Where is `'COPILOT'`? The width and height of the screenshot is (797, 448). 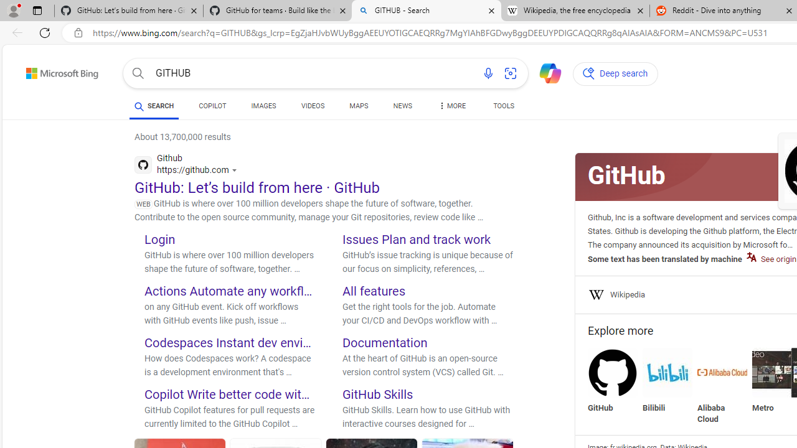
'COPILOT' is located at coordinates (212, 107).